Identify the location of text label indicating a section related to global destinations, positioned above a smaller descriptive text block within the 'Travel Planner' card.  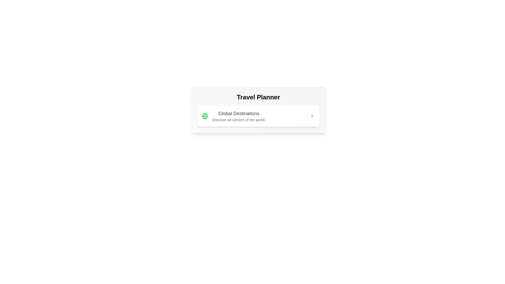
(238, 113).